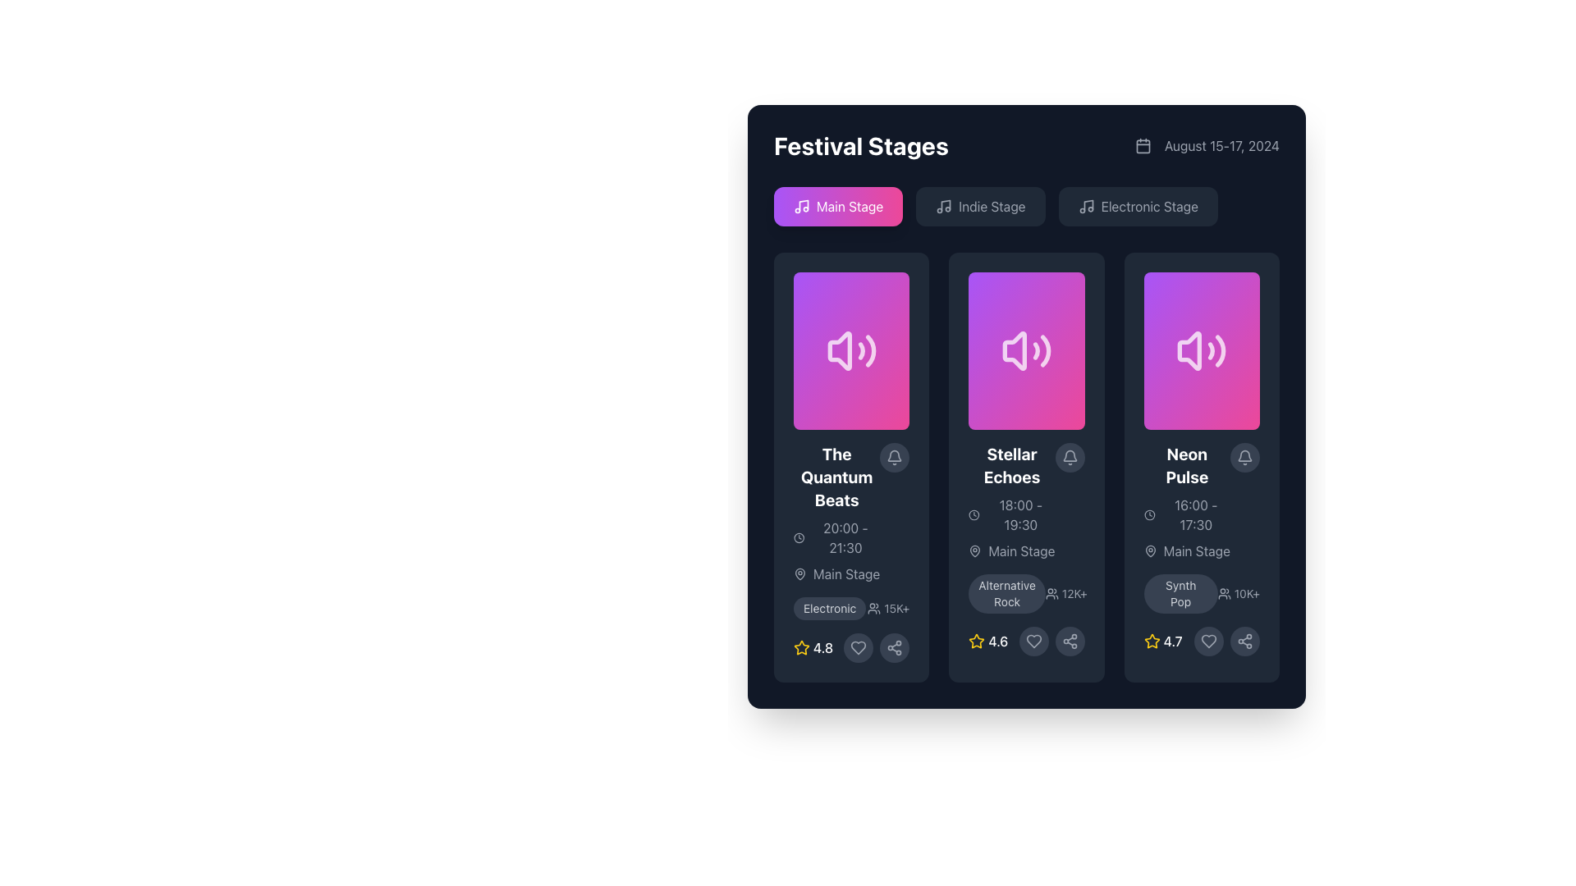 The height and width of the screenshot is (886, 1576). What do you see at coordinates (1011, 501) in the screenshot?
I see `the text block titled 'Stellar Echoes' which contains a timestamp and is part of a dark-themed card design located in the center of the second card from the left` at bounding box center [1011, 501].